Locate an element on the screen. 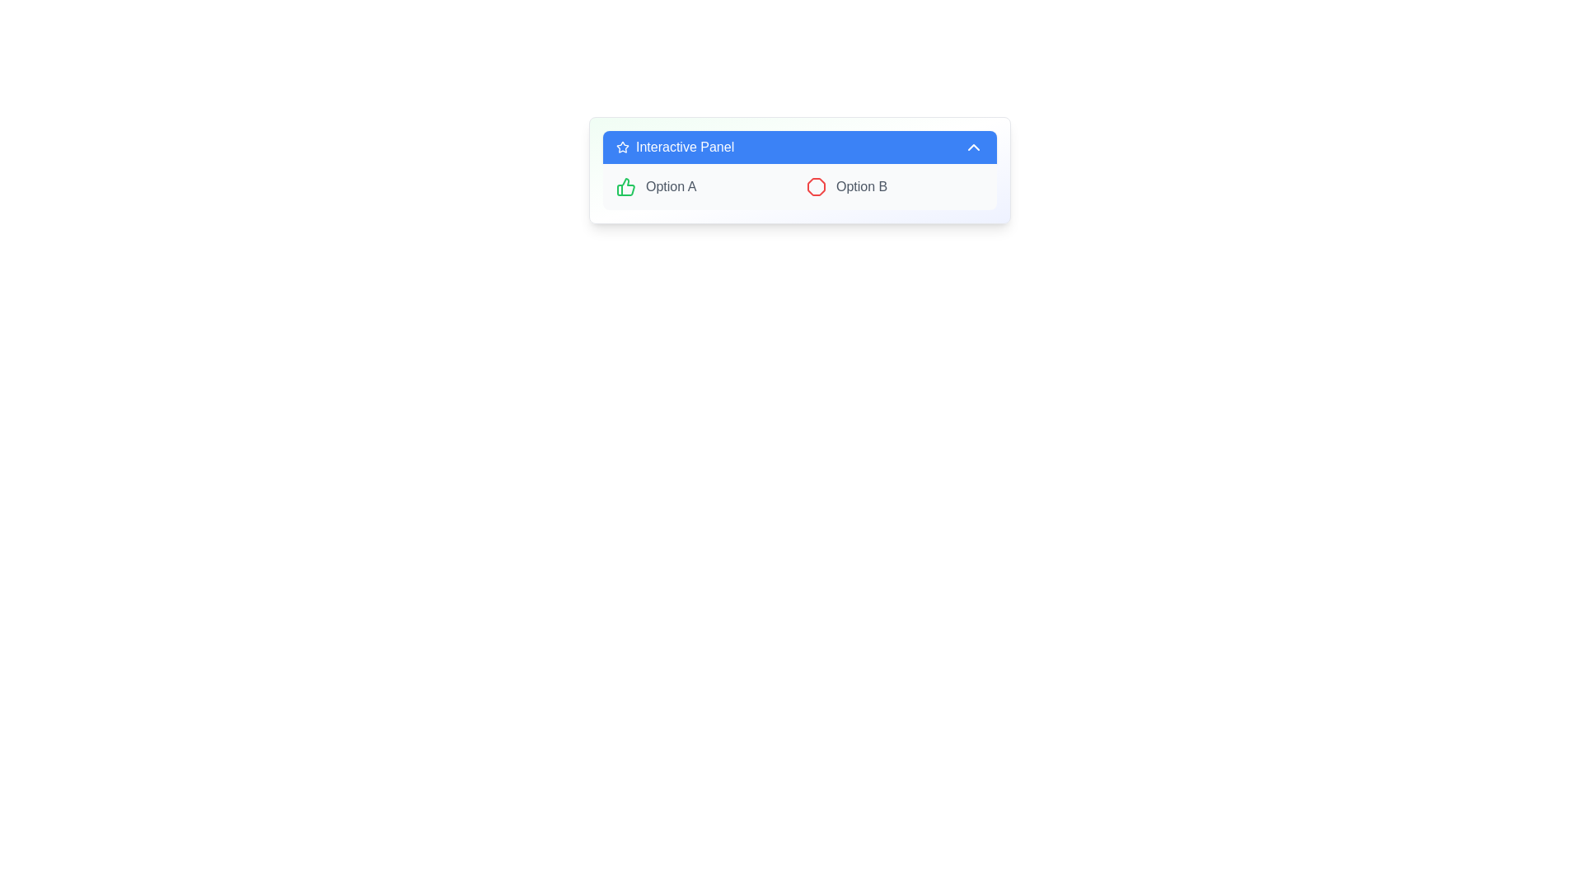  the icon representing a rating or favorite marker located in the top-left corner of the 'Interactive Panel' blue panel is located at coordinates (621, 146).